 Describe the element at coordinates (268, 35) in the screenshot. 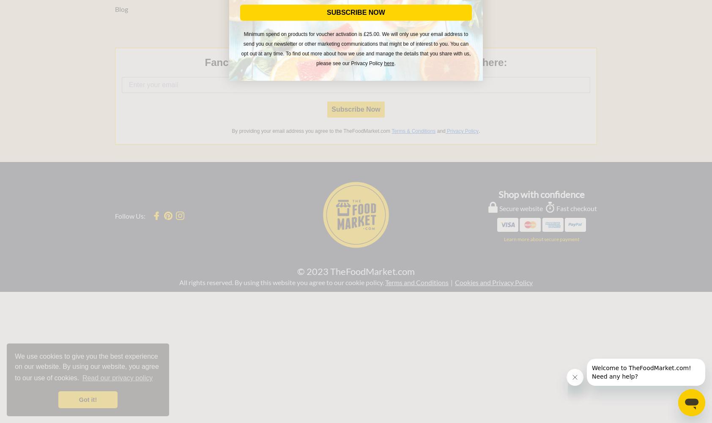

I see `'Non-alcoholic drinks'` at that location.